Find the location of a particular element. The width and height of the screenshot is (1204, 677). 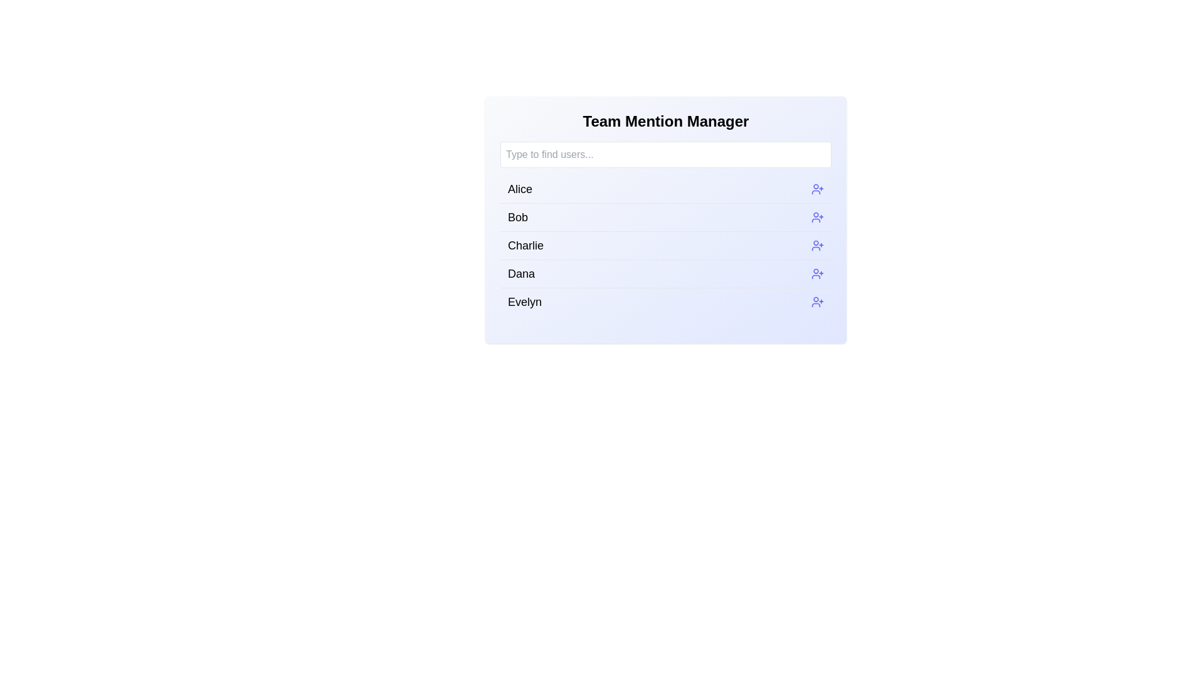

the list item representing the user 'Charlie' to send a request is located at coordinates (665, 245).